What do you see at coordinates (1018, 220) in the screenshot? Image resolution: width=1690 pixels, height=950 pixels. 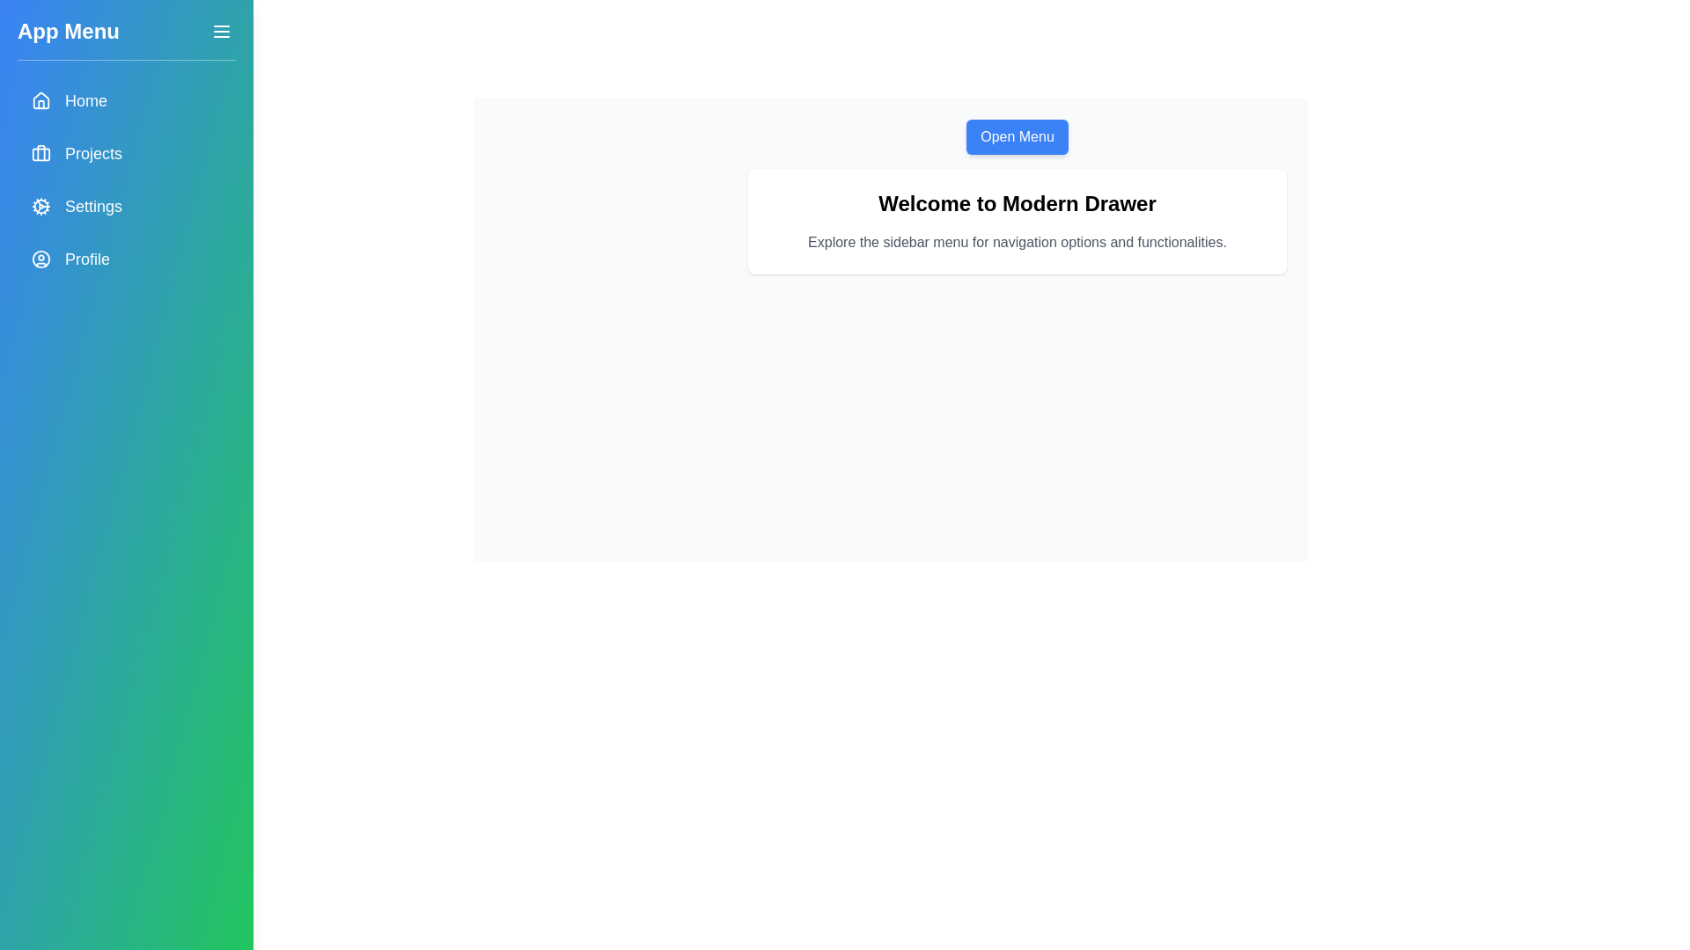 I see `the main content area to focus on it` at bounding box center [1018, 220].